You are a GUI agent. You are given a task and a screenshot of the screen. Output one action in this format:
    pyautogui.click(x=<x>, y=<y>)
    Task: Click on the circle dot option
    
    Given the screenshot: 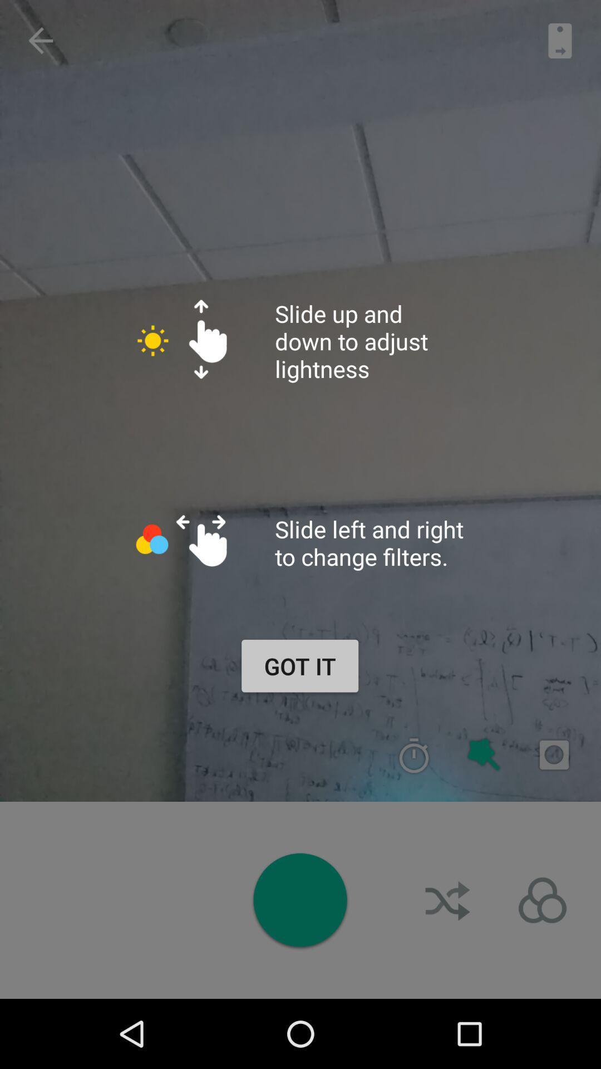 What is the action you would take?
    pyautogui.click(x=299, y=900)
    